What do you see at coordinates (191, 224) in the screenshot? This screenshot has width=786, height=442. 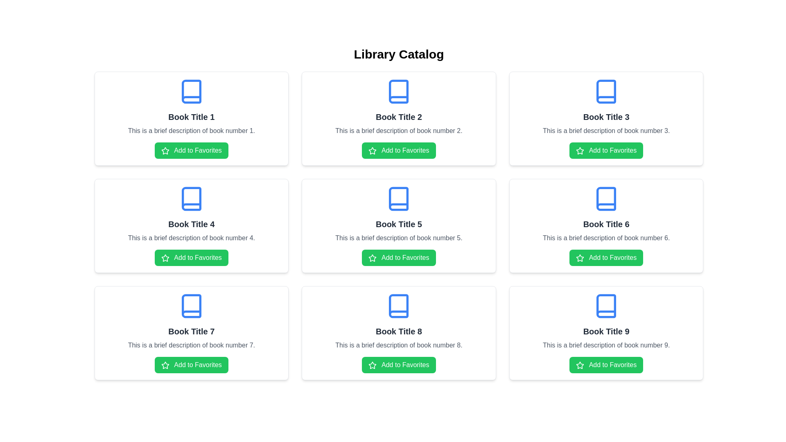 I see `the Static Text Label that serves as a heading or title for the associated book within the card layout, located in the second row and first column of a three-by-three grid` at bounding box center [191, 224].